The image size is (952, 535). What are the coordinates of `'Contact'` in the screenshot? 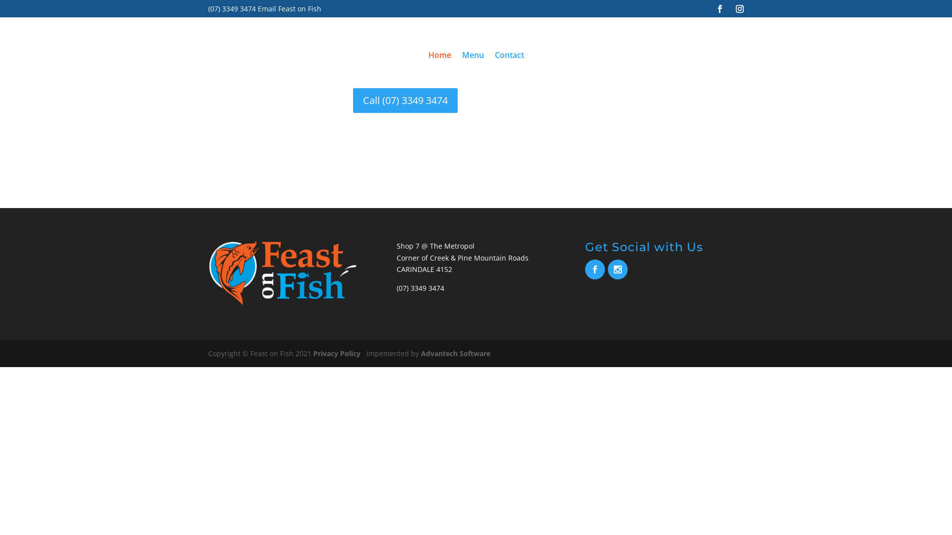 It's located at (509, 55).